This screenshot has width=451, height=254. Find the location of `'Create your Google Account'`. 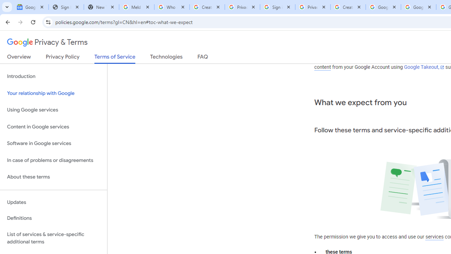

'Create your Google Account' is located at coordinates (348, 7).